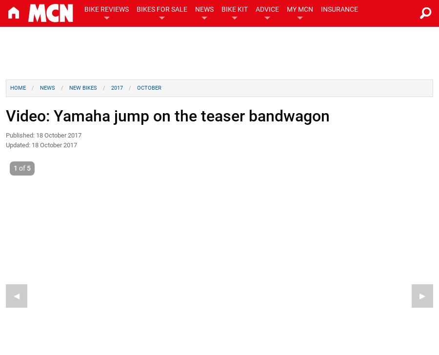  Describe the element at coordinates (117, 88) in the screenshot. I see `'2017'` at that location.